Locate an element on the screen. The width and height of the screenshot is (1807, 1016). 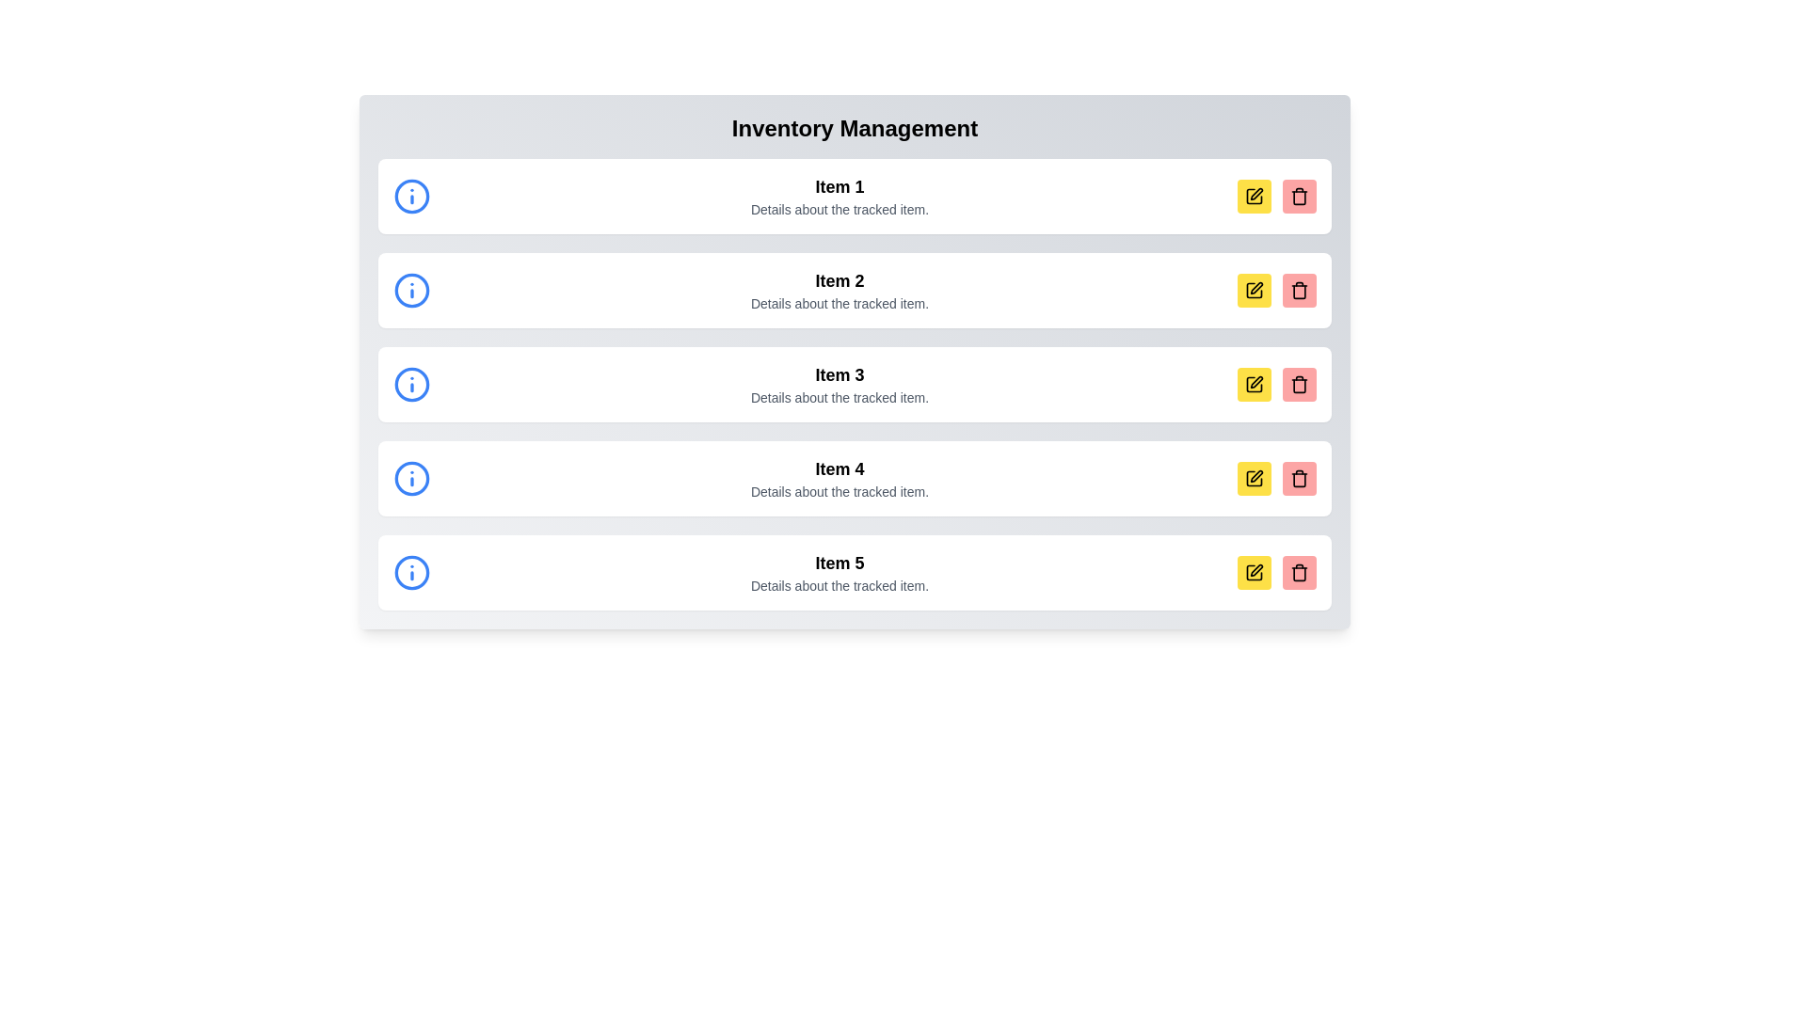
the delete icon located on the far-right side of the item's row in the 'Inventory Management' section is located at coordinates (1299, 196).